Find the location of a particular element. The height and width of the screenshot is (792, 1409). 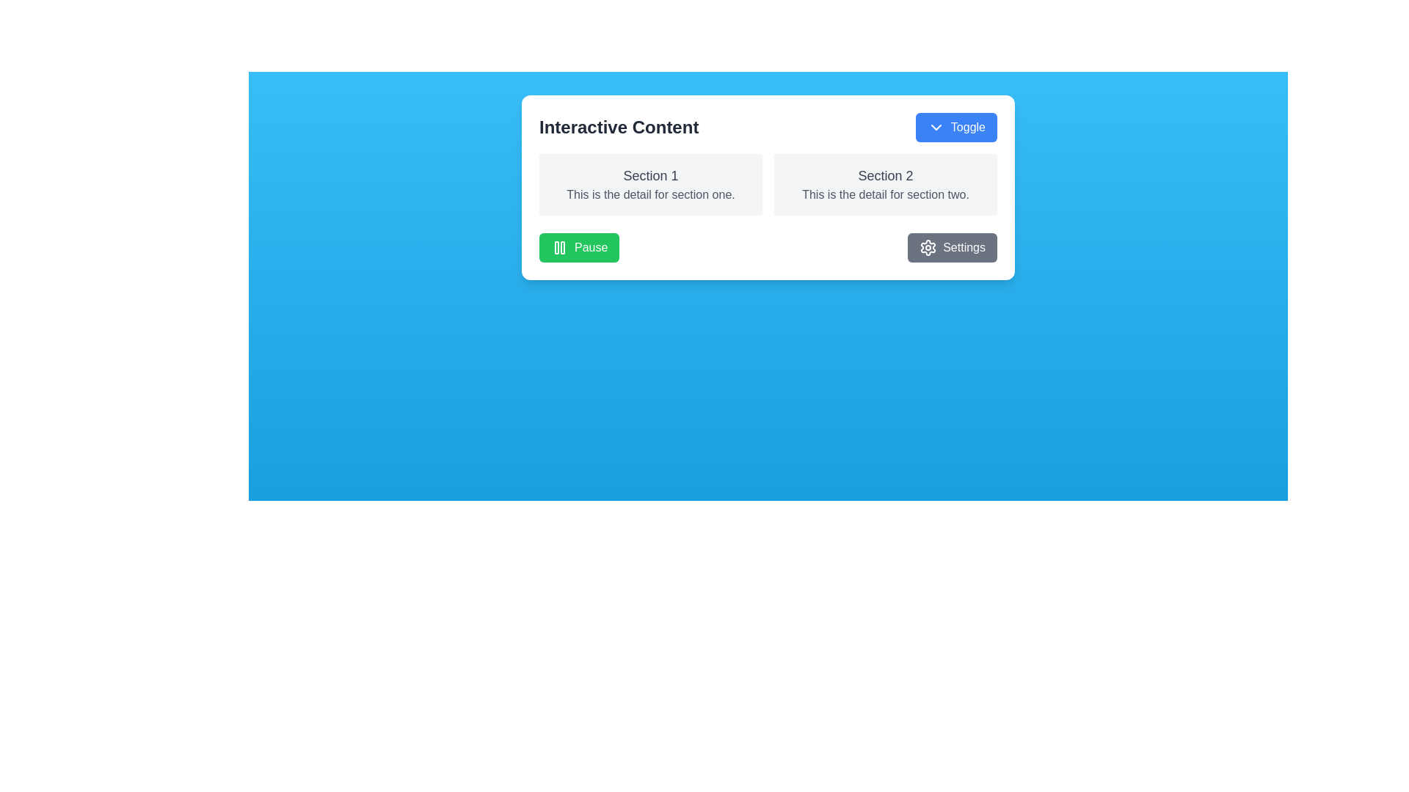

displayed text of the Text label that describes the action of the adjacent Toggle button, located on the right-hand side of the button within the white content card is located at coordinates (968, 126).